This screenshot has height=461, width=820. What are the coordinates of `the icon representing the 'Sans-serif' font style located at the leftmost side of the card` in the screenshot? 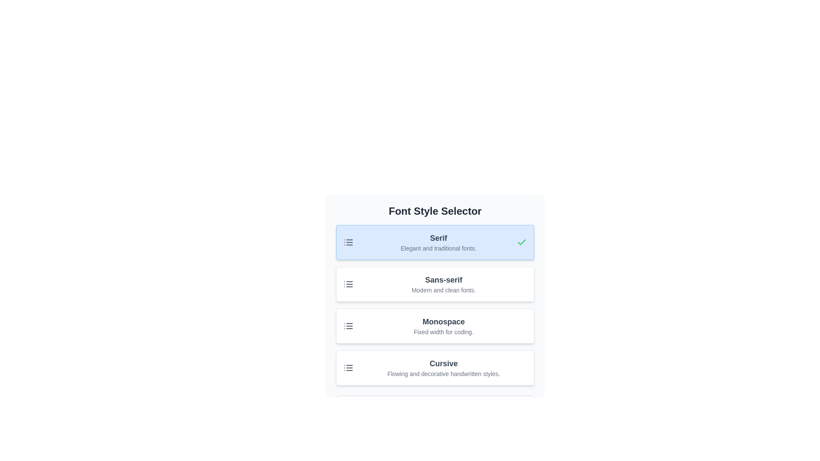 It's located at (348, 284).